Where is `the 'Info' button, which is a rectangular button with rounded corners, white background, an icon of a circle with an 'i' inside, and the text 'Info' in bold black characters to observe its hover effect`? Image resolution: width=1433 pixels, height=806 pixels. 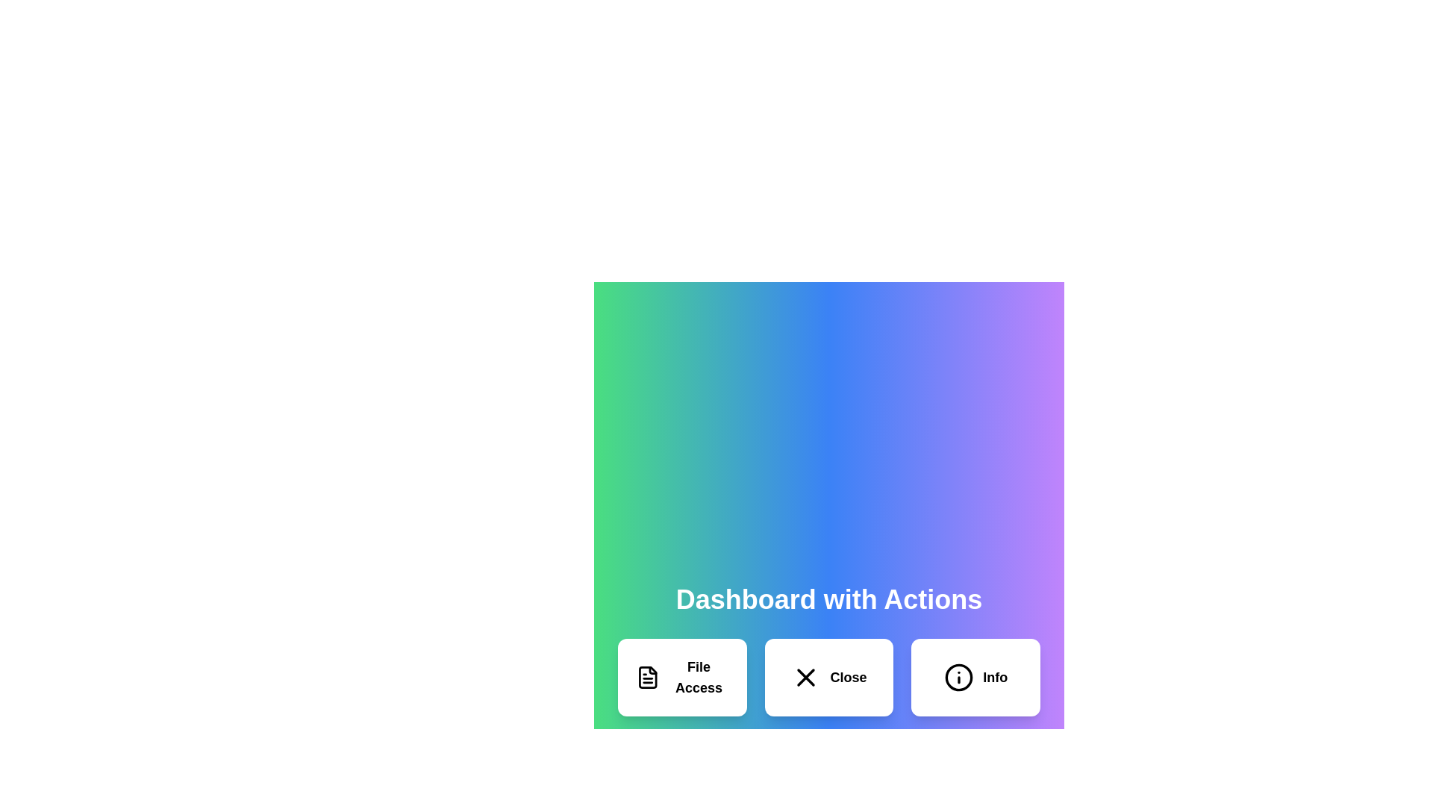
the 'Info' button, which is a rectangular button with rounded corners, white background, an icon of a circle with an 'i' inside, and the text 'Info' in bold black characters to observe its hover effect is located at coordinates (975, 677).